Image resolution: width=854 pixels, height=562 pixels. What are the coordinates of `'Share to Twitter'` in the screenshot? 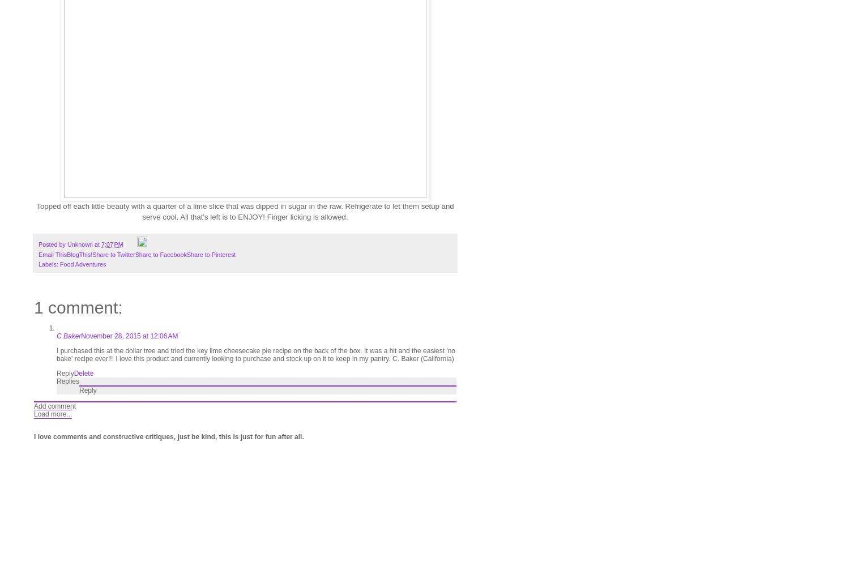 It's located at (92, 254).